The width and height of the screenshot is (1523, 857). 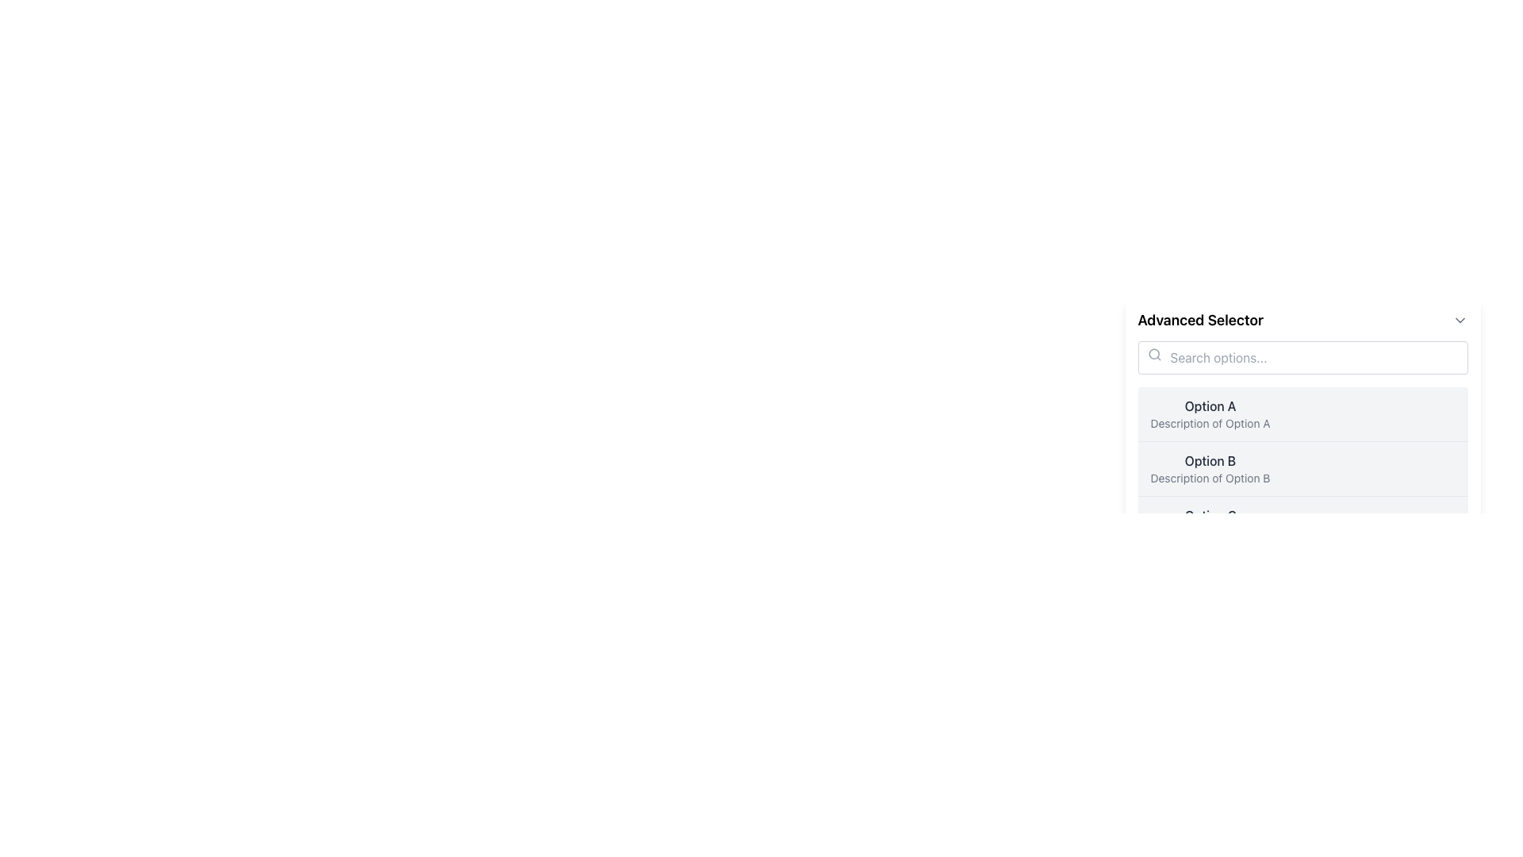 What do you see at coordinates (1210, 523) in the screenshot?
I see `the list item displaying 'Option C'` at bounding box center [1210, 523].